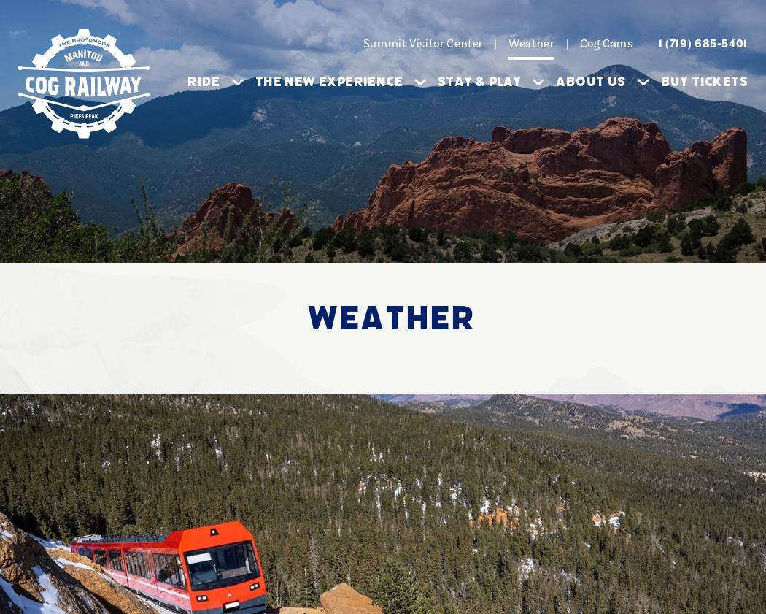 The image size is (766, 614). Describe the element at coordinates (397, 306) in the screenshot. I see `'Contact Us'` at that location.